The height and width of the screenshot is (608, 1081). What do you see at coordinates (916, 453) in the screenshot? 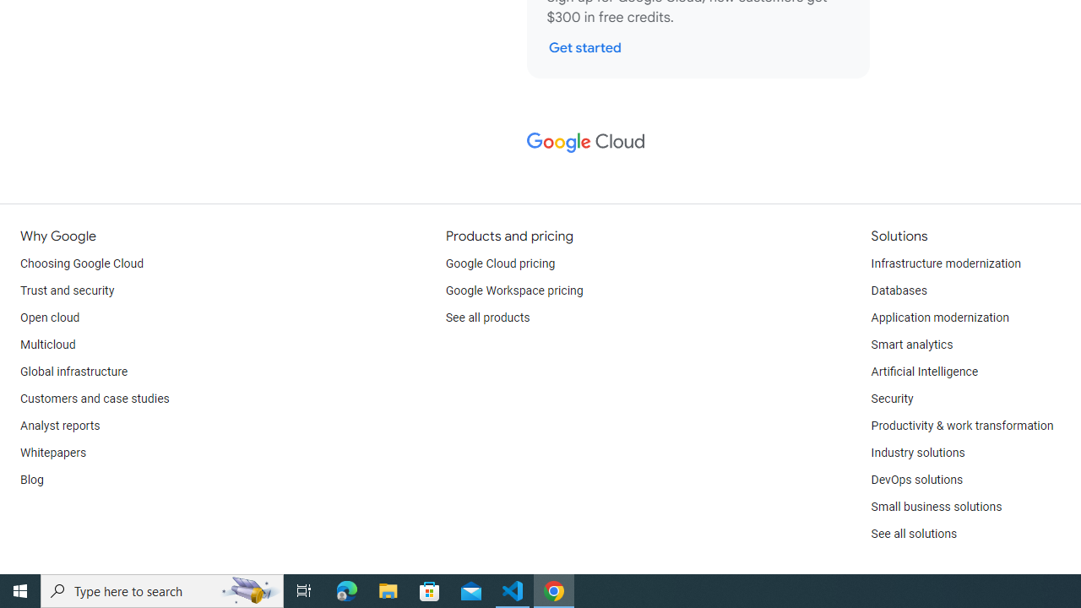
I see `'Industry solutions'` at bounding box center [916, 453].